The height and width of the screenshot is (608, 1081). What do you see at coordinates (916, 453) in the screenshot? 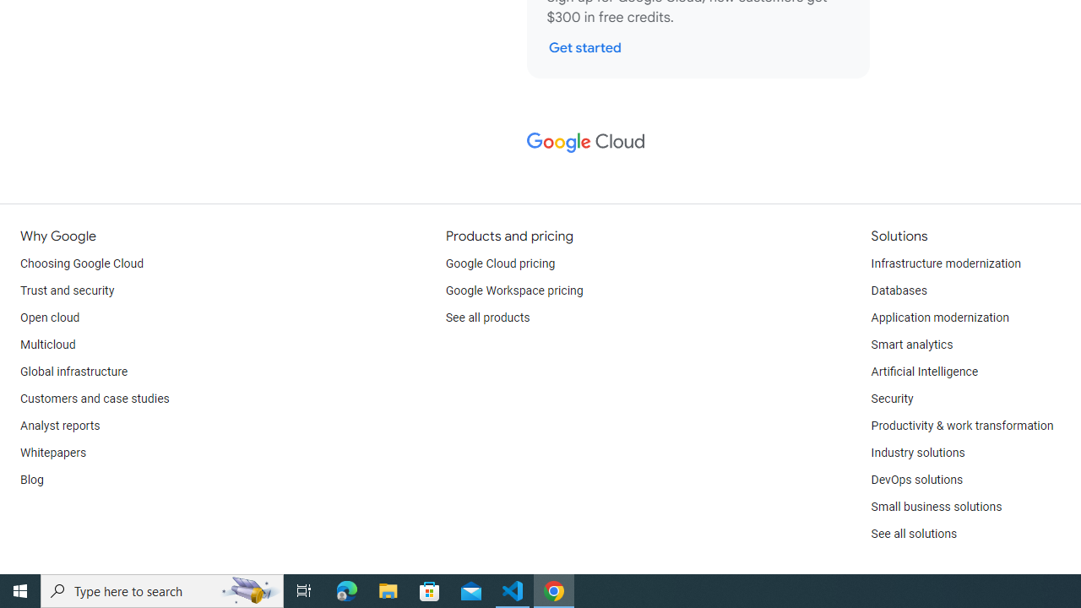
I see `'Industry solutions'` at bounding box center [916, 453].